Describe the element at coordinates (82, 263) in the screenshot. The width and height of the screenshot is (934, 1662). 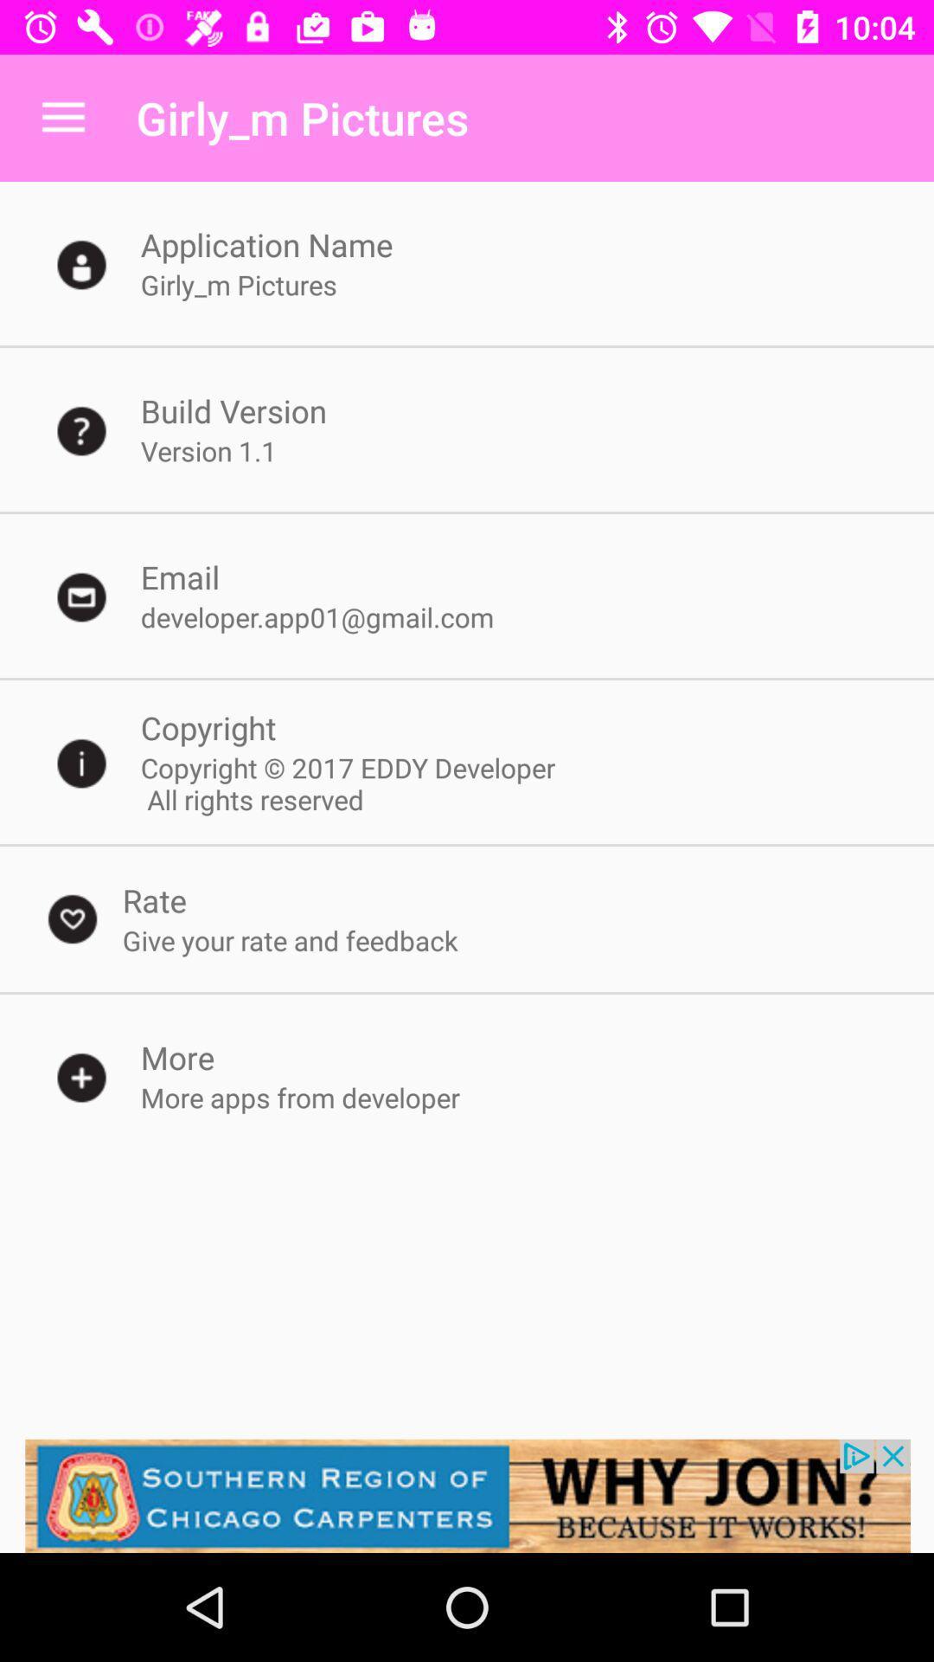
I see `the icon left side of application name` at that location.